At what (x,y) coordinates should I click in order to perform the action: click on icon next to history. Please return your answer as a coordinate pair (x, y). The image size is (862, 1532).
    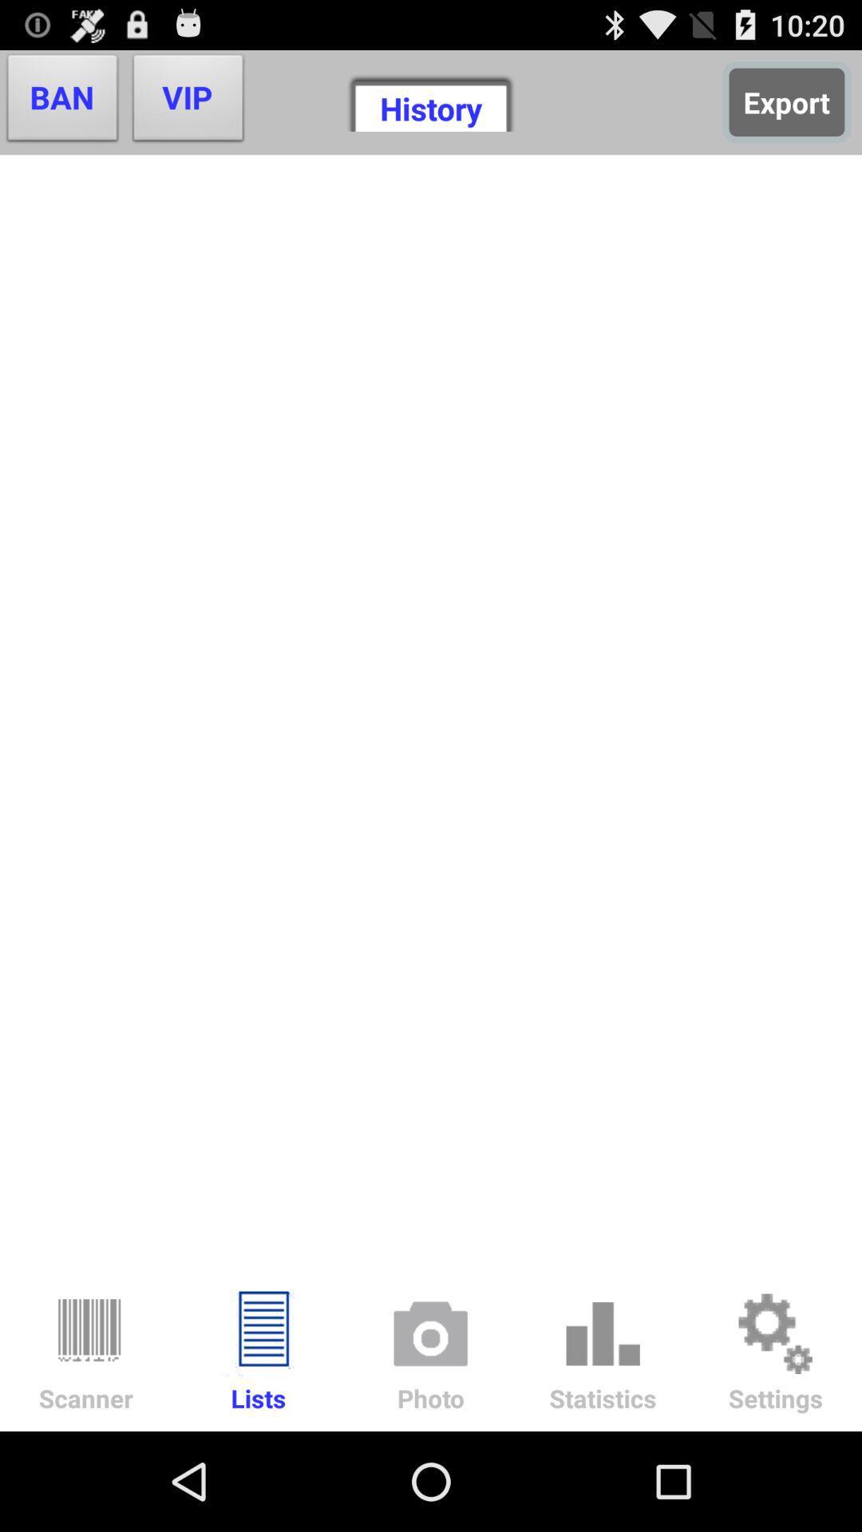
    Looking at the image, I should click on (785, 101).